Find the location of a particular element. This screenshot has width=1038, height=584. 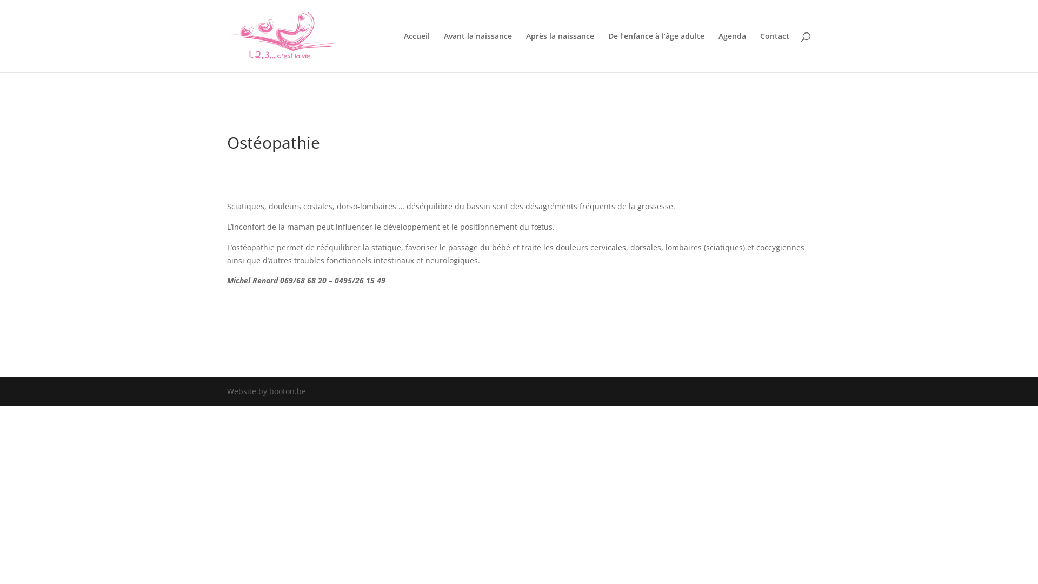

'Agenda' is located at coordinates (718, 52).